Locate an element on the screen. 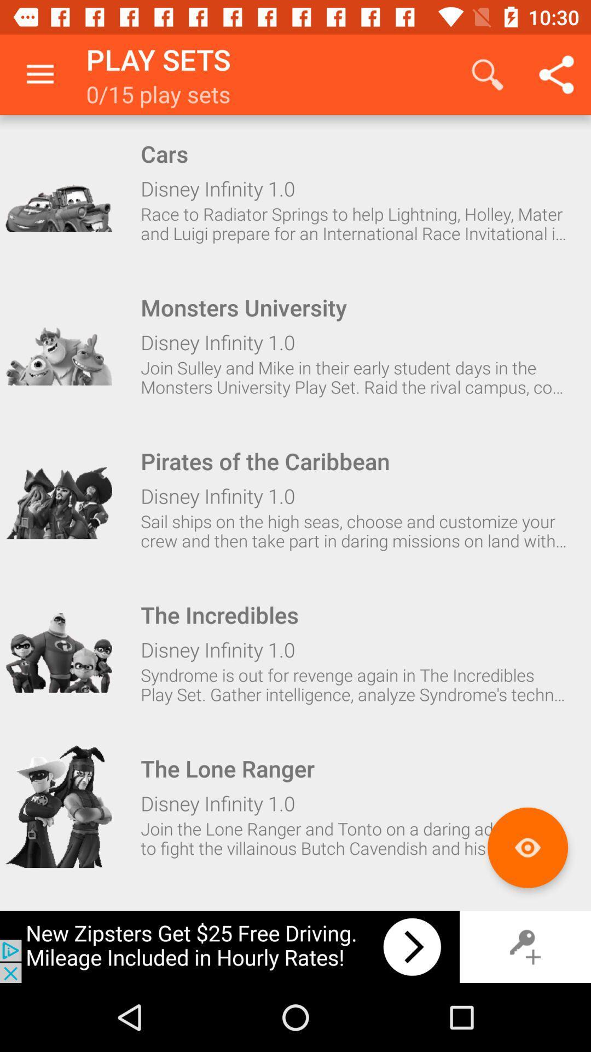 This screenshot has height=1052, width=591. selected is located at coordinates (527, 847).